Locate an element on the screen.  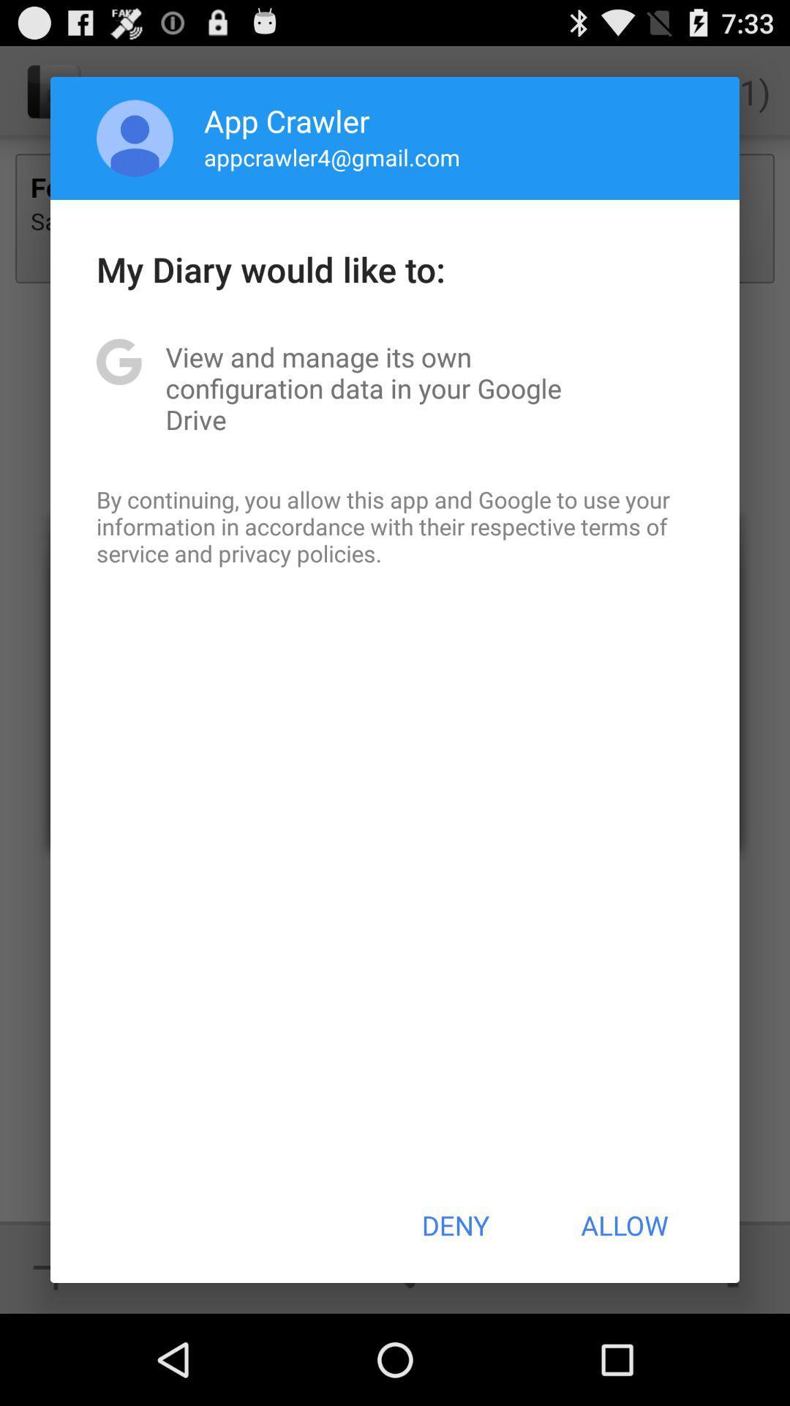
the icon to the left of allow button is located at coordinates (454, 1225).